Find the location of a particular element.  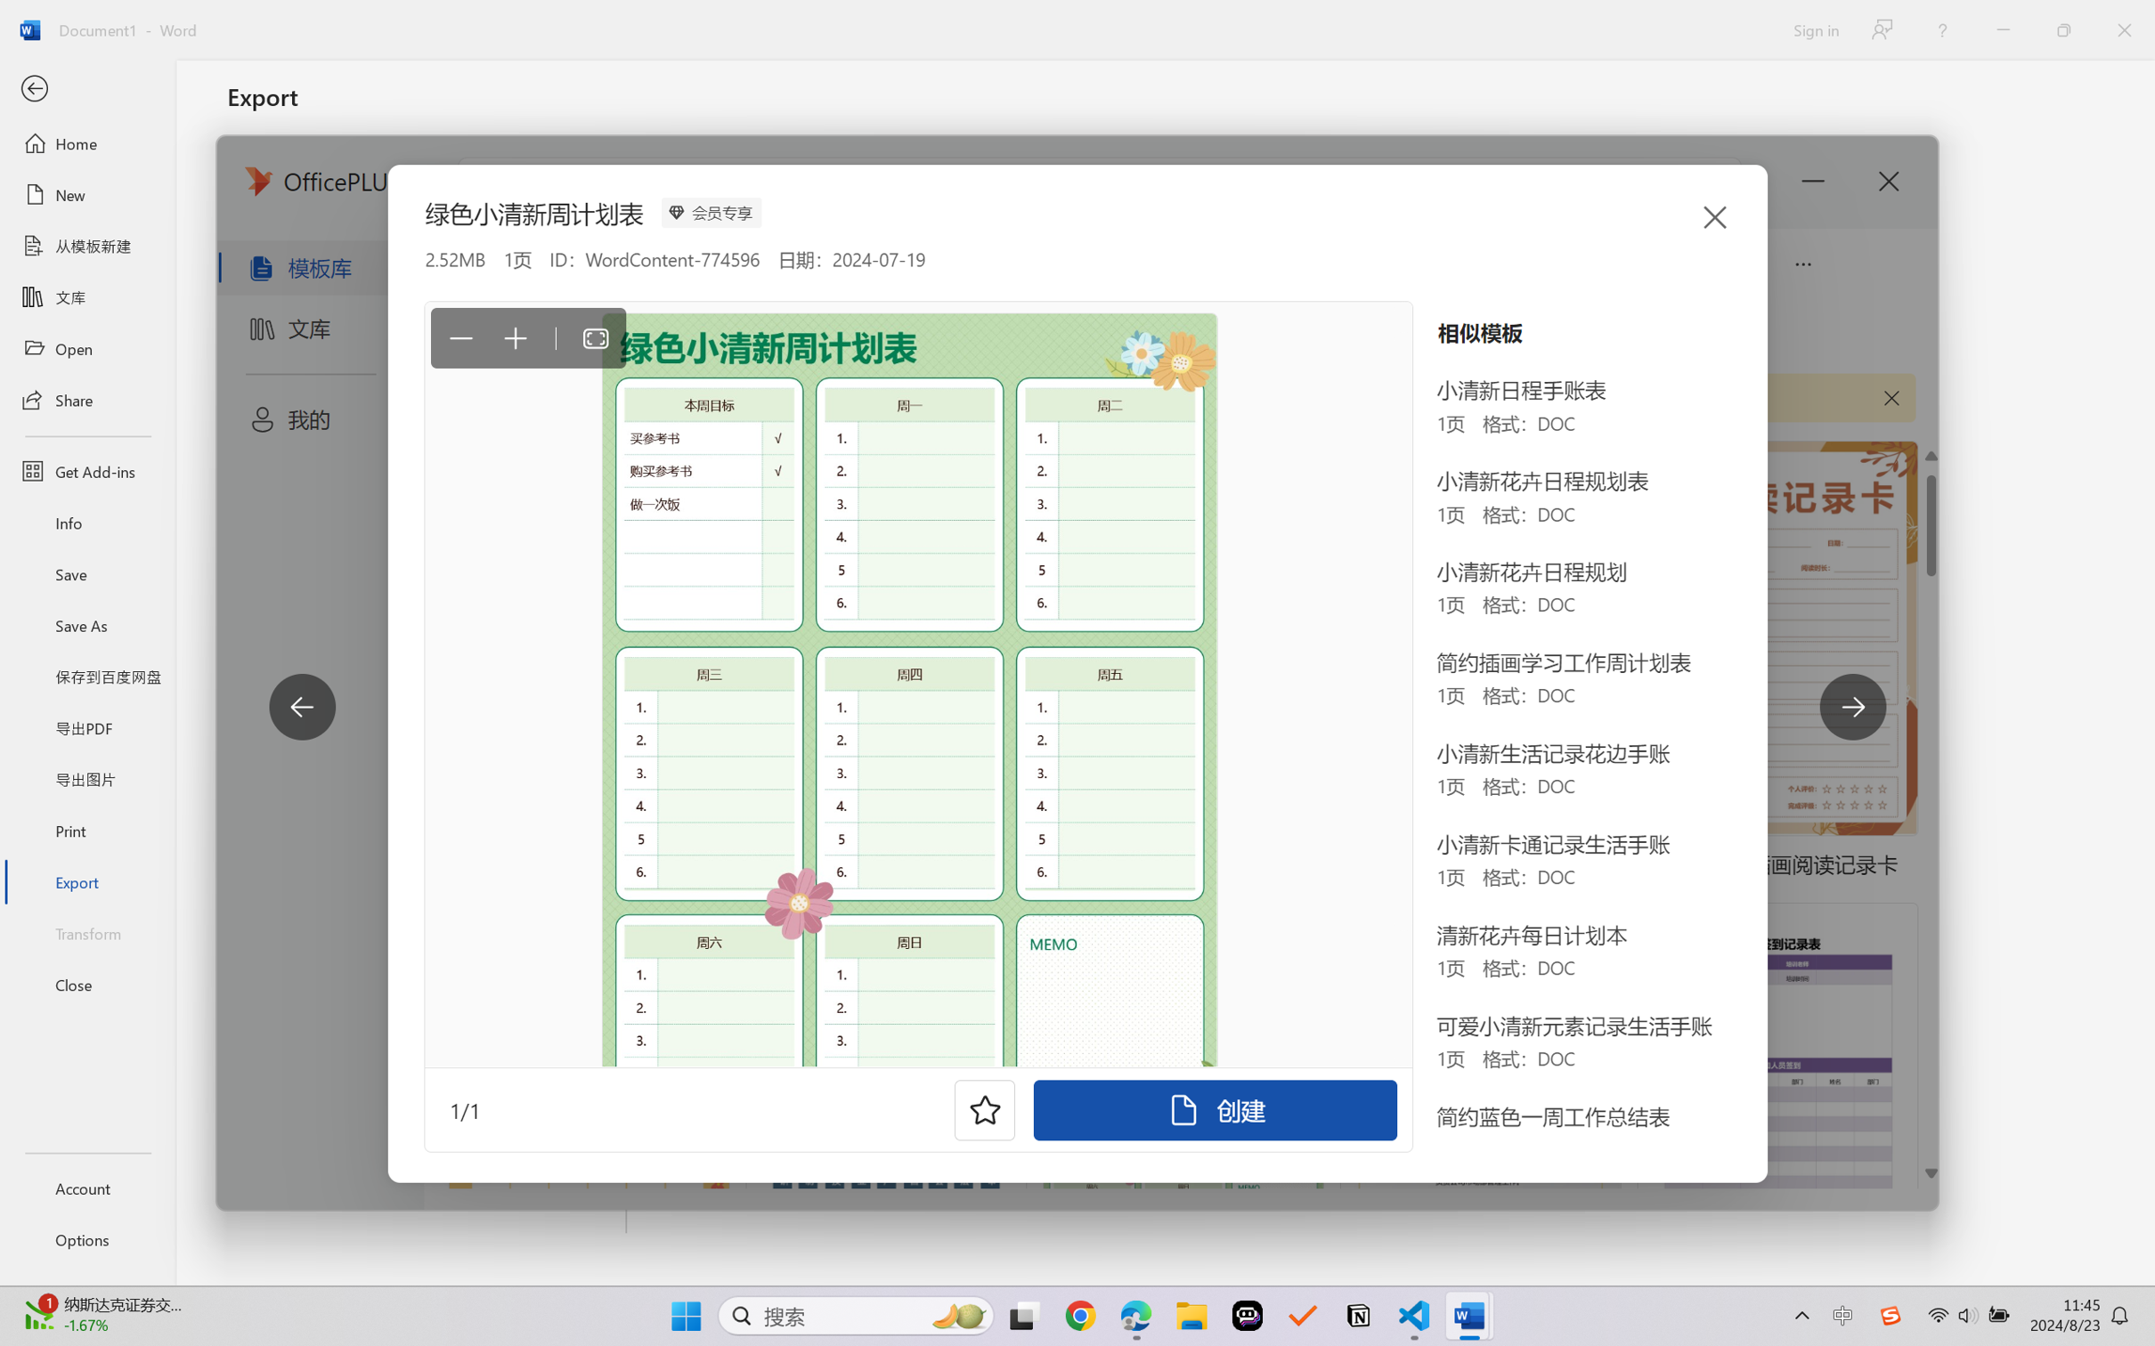

'Back' is located at coordinates (86, 89).